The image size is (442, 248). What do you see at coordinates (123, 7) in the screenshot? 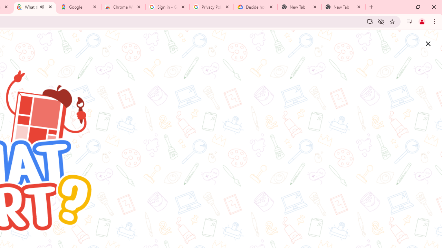
I see `'Chrome Web Store - Color themes by Chrome'` at bounding box center [123, 7].